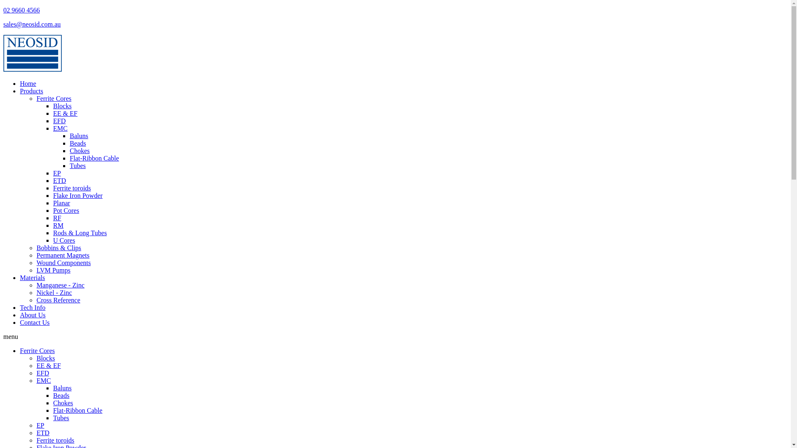 Image resolution: width=797 pixels, height=448 pixels. Describe the element at coordinates (79, 135) in the screenshot. I see `'Baluns'` at that location.